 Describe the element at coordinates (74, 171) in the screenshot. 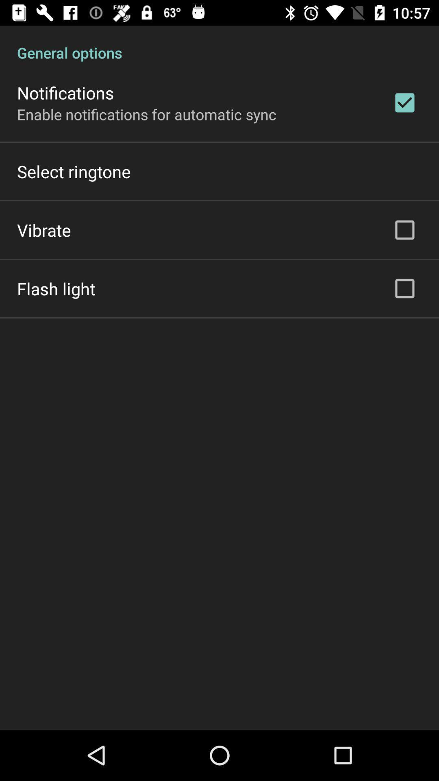

I see `the item below enable notifications for item` at that location.